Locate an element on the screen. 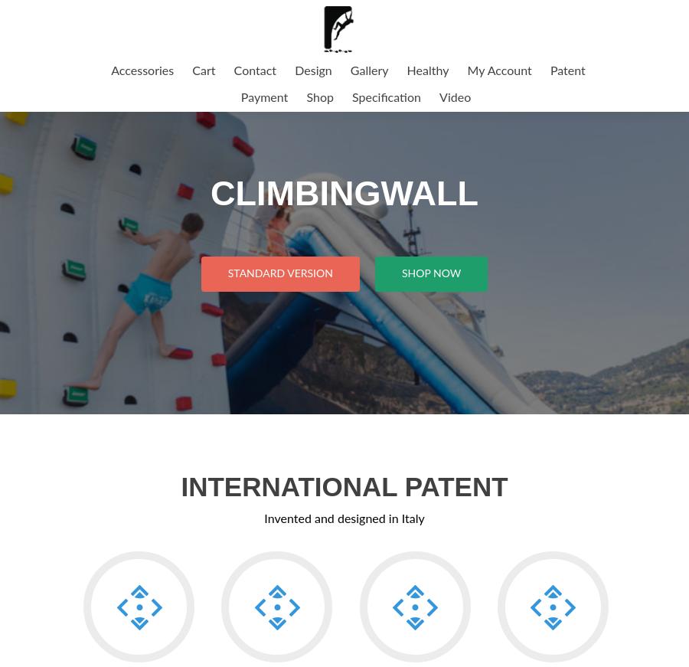 This screenshot has height=667, width=689. 'Payment' is located at coordinates (263, 97).